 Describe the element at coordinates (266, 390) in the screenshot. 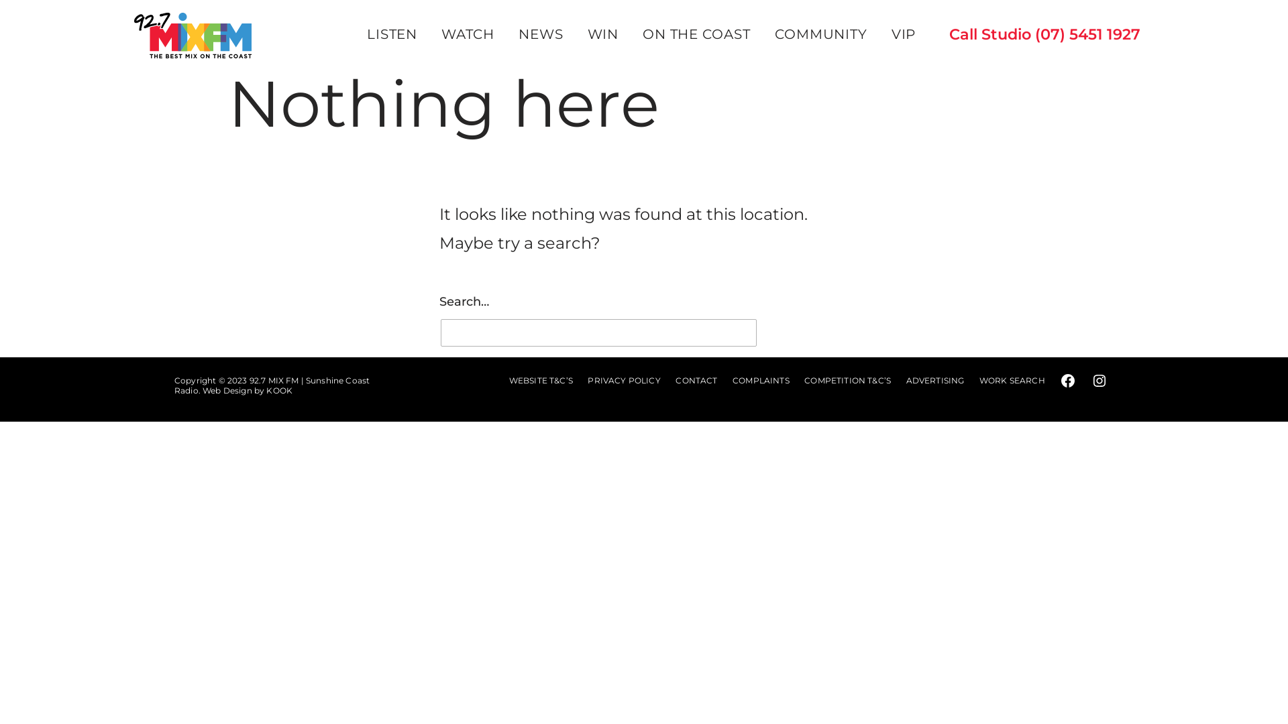

I see `'KOOK'` at that location.